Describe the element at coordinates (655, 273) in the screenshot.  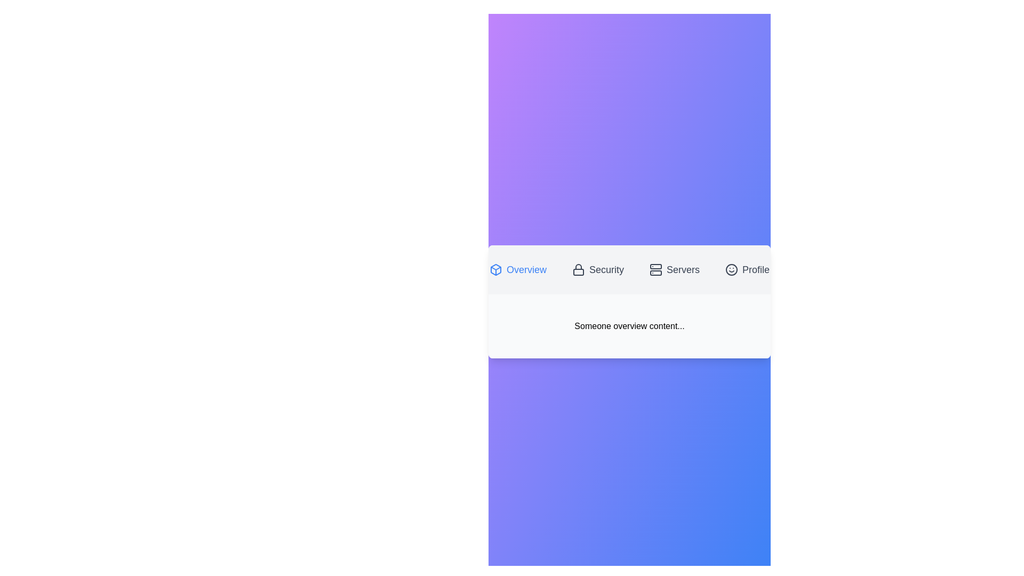
I see `the lower rectangular component with rounded corners within the server icon located in the navigation bar` at that location.